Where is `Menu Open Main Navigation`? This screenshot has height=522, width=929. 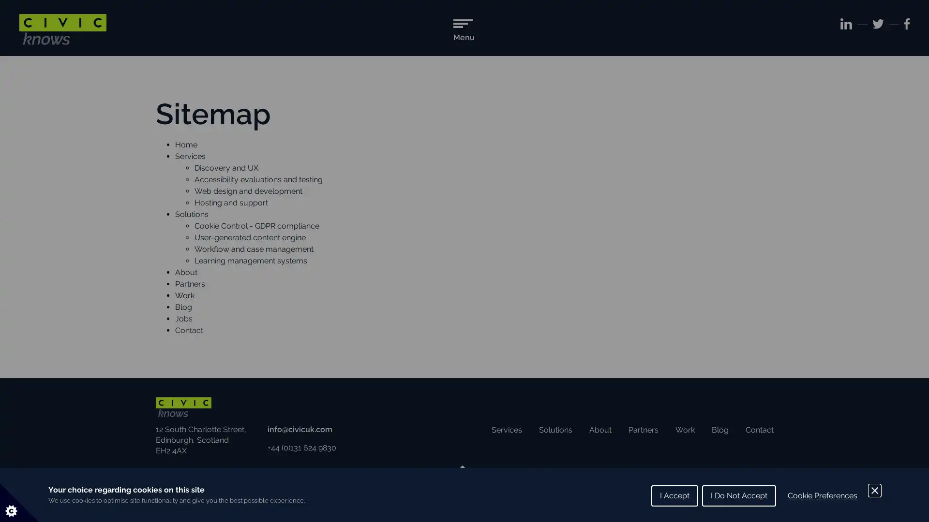
Menu Open Main Navigation is located at coordinates (463, 32).